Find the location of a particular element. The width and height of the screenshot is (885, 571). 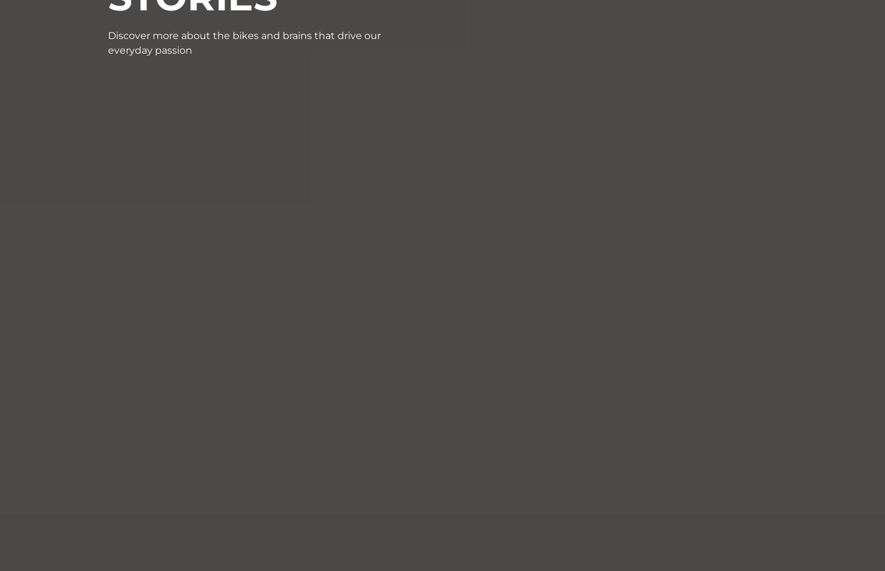

'5' is located at coordinates (461, 110).